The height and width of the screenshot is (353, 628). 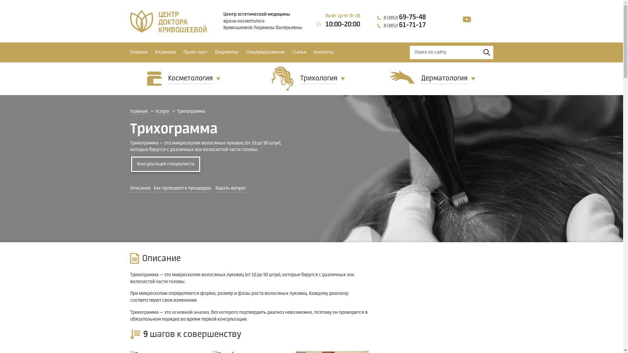 I want to click on '8 (3852) 61-71-17', so click(x=404, y=25).